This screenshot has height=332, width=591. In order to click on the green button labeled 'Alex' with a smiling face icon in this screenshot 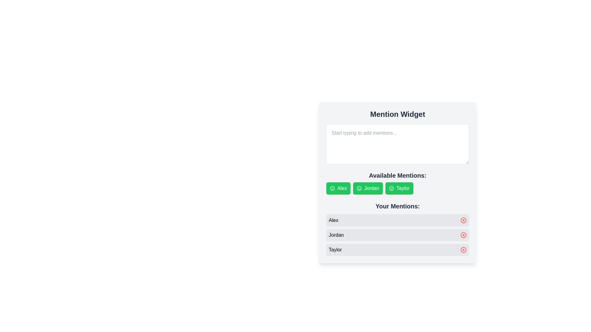, I will do `click(338, 188)`.